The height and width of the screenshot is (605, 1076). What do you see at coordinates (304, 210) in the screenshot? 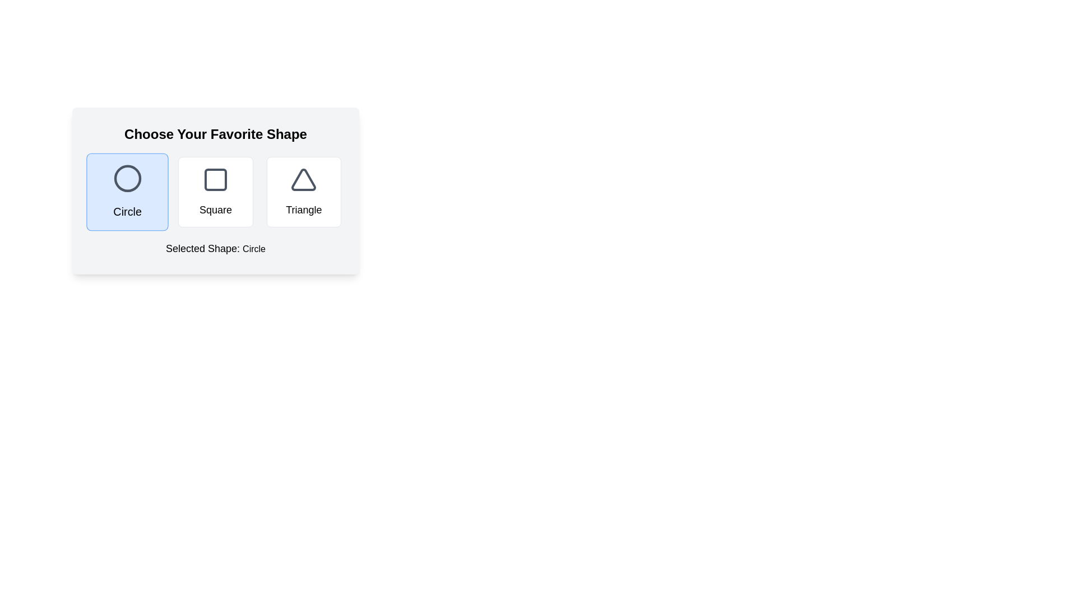
I see `text of the descriptive label identifying the triangular icon as 'Triangle', located below the triangular icon in the third shape selection card from the left` at bounding box center [304, 210].